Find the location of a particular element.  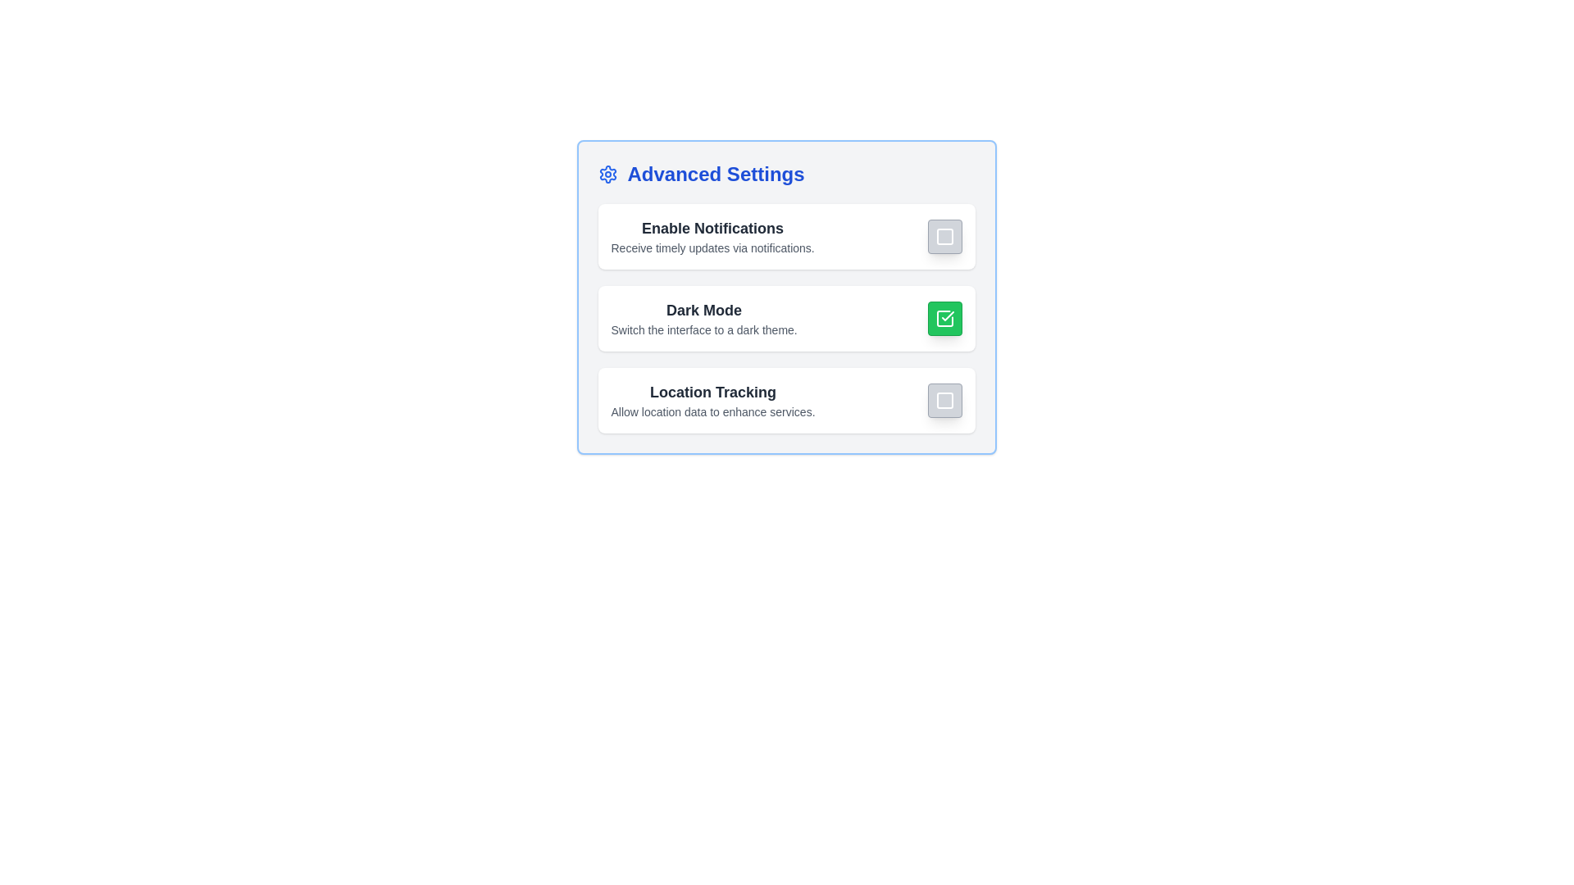

title 'Location Tracking' and the description 'Allow location data to enhance services' from the text block located in the third row of the settings list is located at coordinates (712, 401).